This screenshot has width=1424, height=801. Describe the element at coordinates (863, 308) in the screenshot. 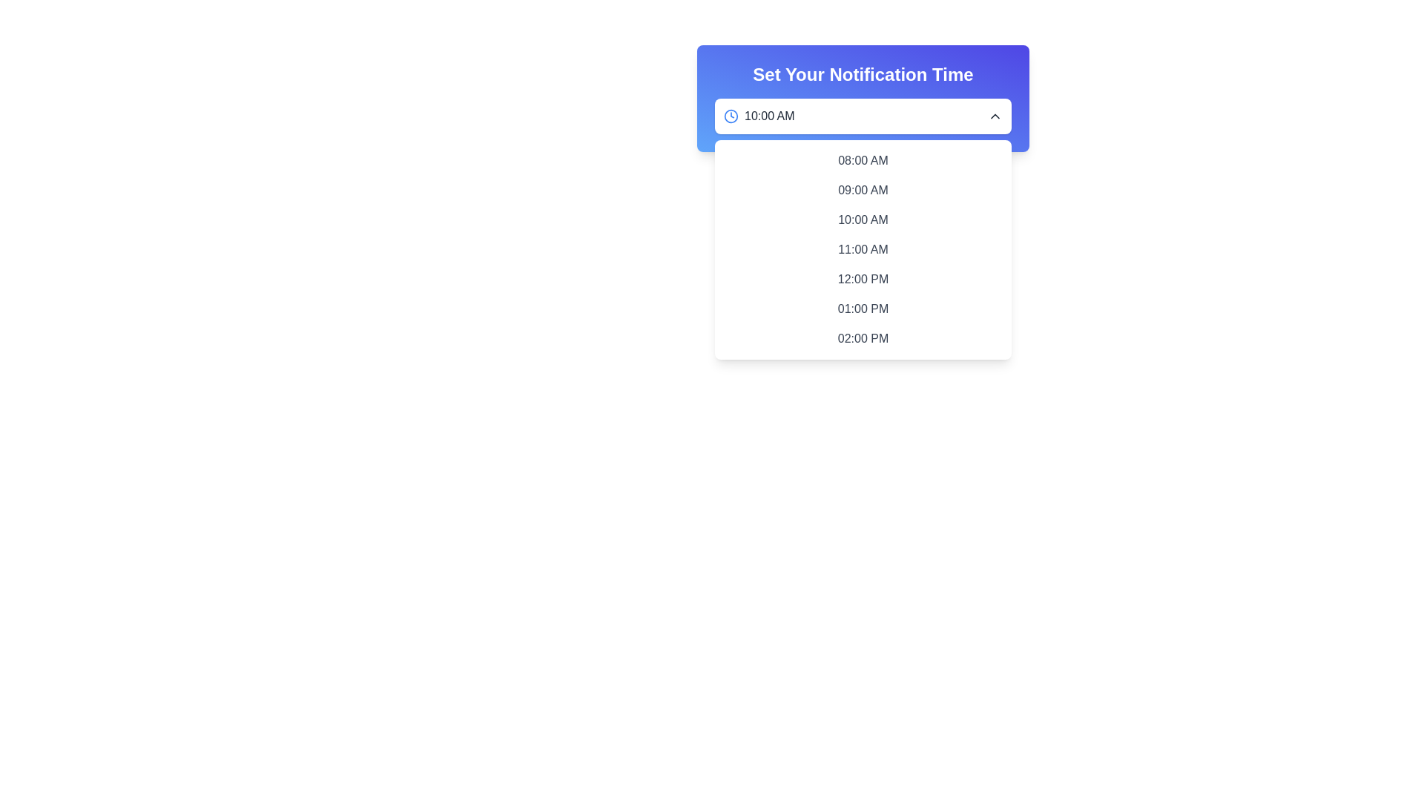

I see `the selectable time option displaying '01:00 PM' located in the dropdown menu under 'Set Your Notification Time'` at that location.